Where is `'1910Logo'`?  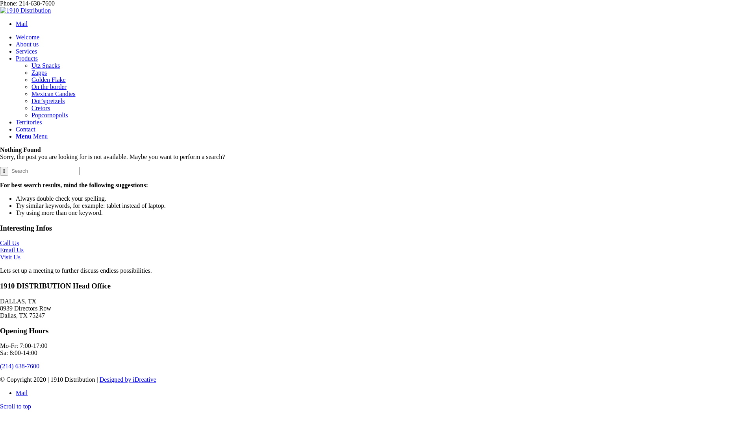 '1910Logo' is located at coordinates (25, 11).